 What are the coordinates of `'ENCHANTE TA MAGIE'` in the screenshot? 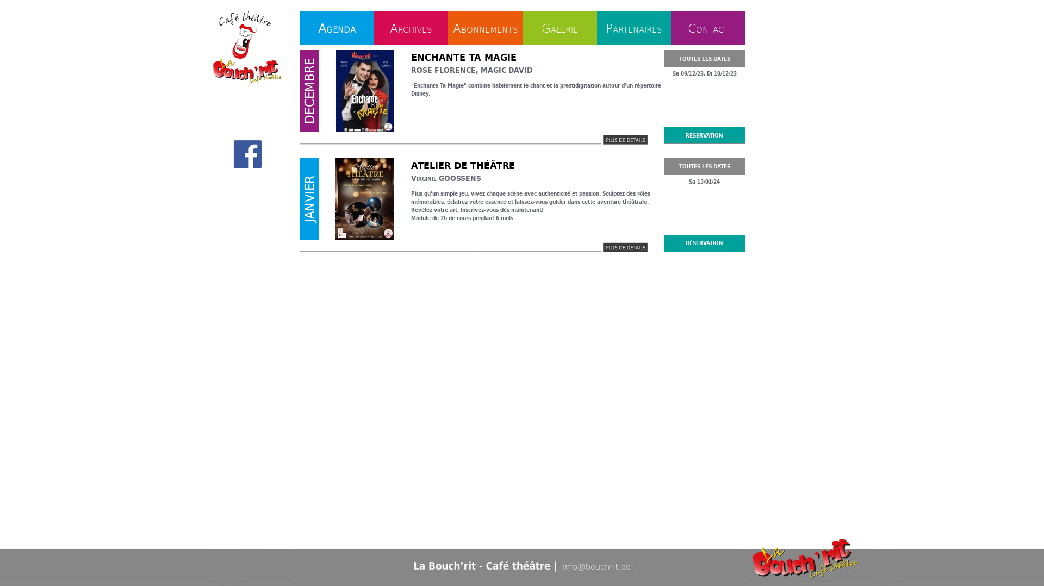 It's located at (464, 57).